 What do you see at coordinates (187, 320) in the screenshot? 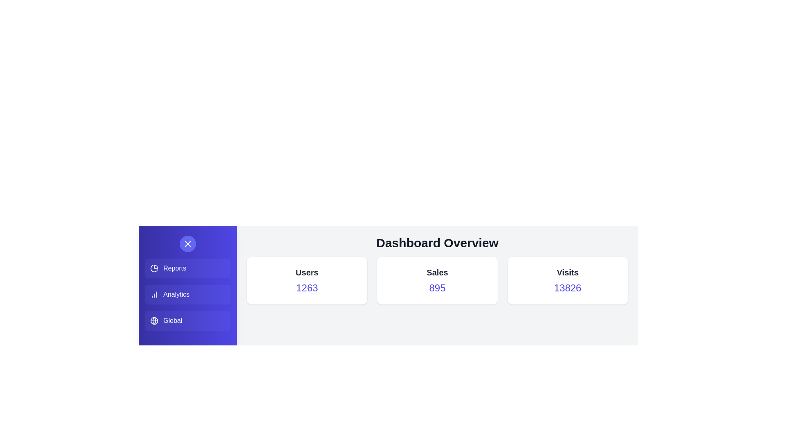
I see `the Global button in the side menu` at bounding box center [187, 320].